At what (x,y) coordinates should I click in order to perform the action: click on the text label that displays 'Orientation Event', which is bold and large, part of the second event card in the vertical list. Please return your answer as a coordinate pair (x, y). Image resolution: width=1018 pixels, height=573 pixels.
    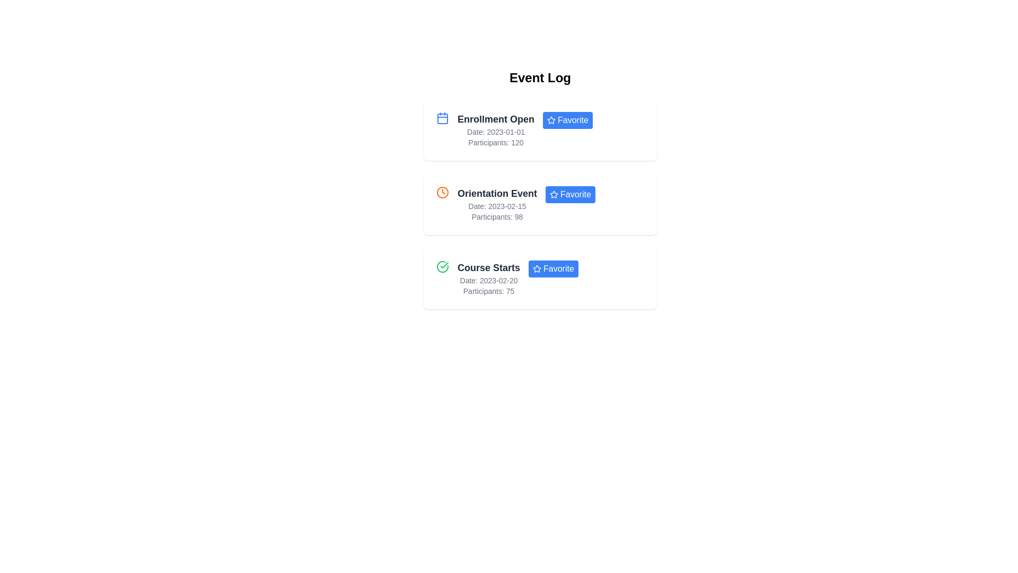
    Looking at the image, I should click on (497, 194).